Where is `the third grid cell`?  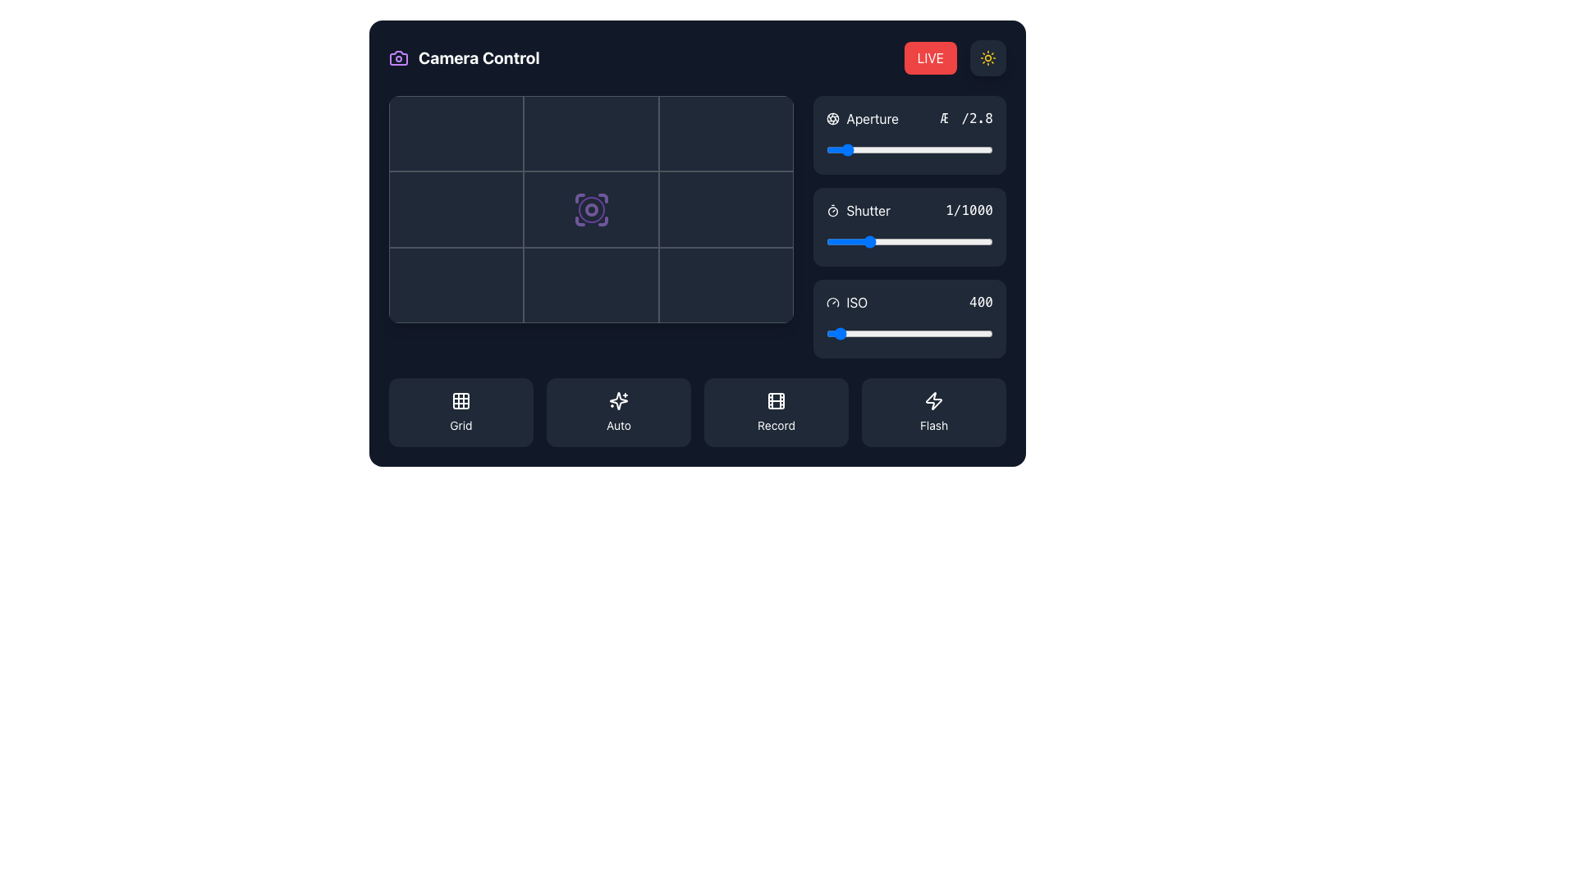
the third grid cell is located at coordinates (726, 133).